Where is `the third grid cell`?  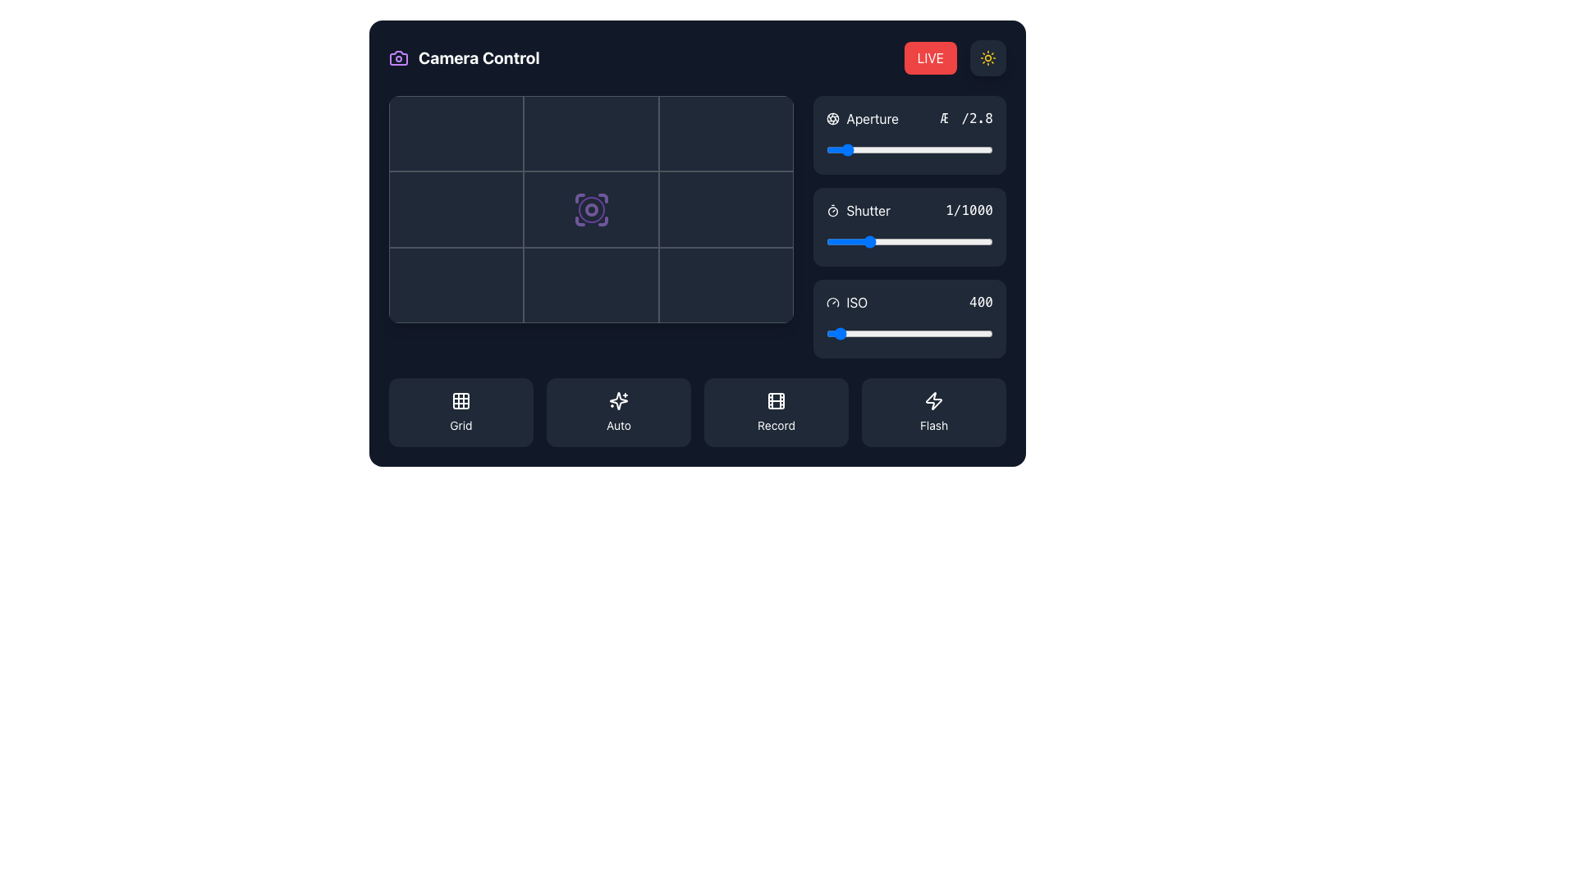
the third grid cell is located at coordinates (726, 133).